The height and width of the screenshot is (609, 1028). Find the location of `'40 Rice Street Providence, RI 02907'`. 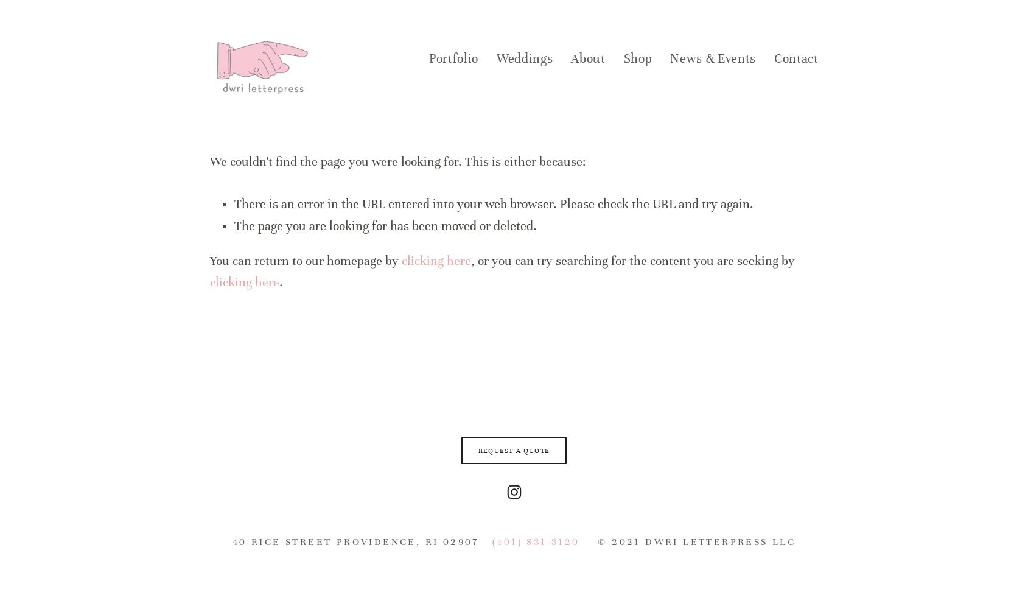

'40 Rice Street Providence, RI 02907' is located at coordinates (231, 541).